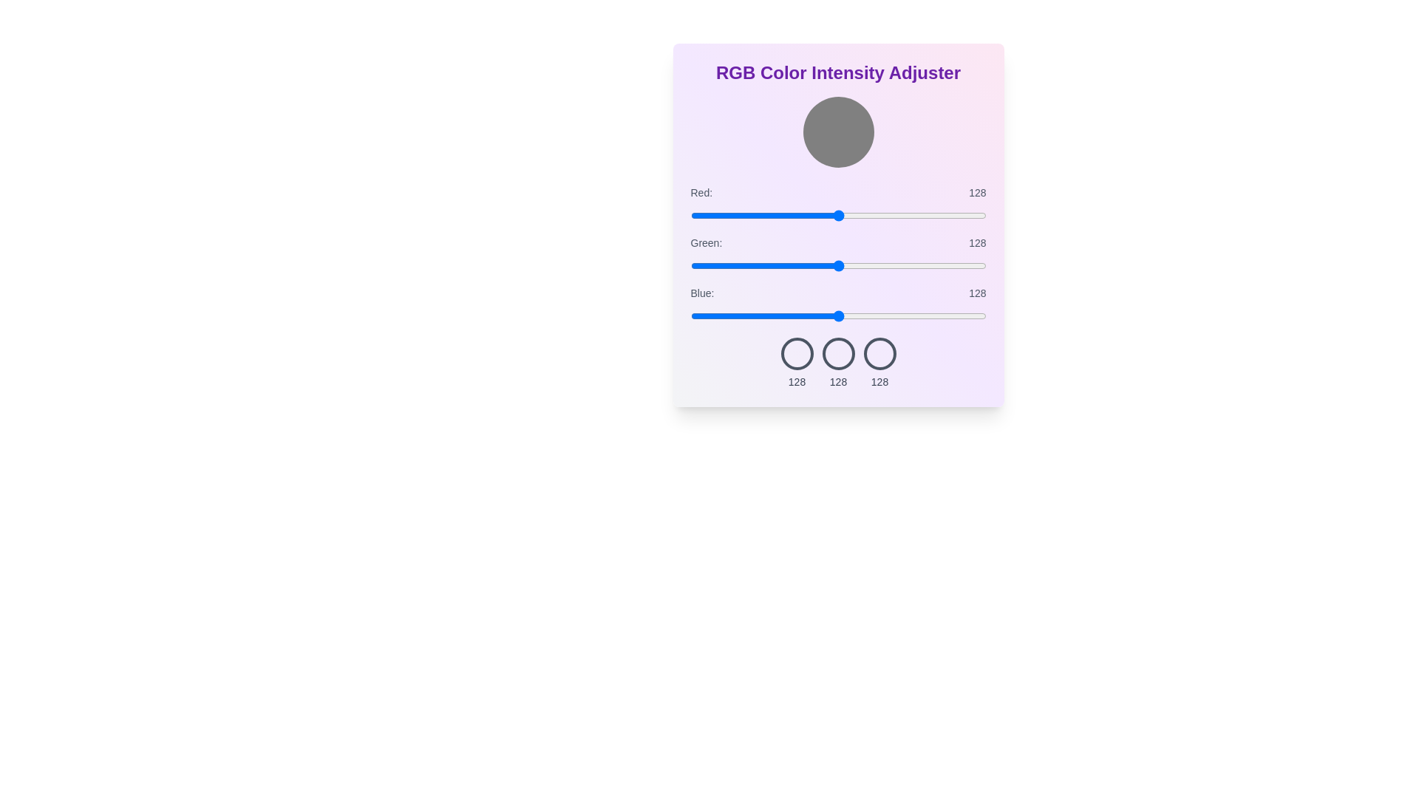  I want to click on the red color intensity slider to 136 value, so click(848, 216).